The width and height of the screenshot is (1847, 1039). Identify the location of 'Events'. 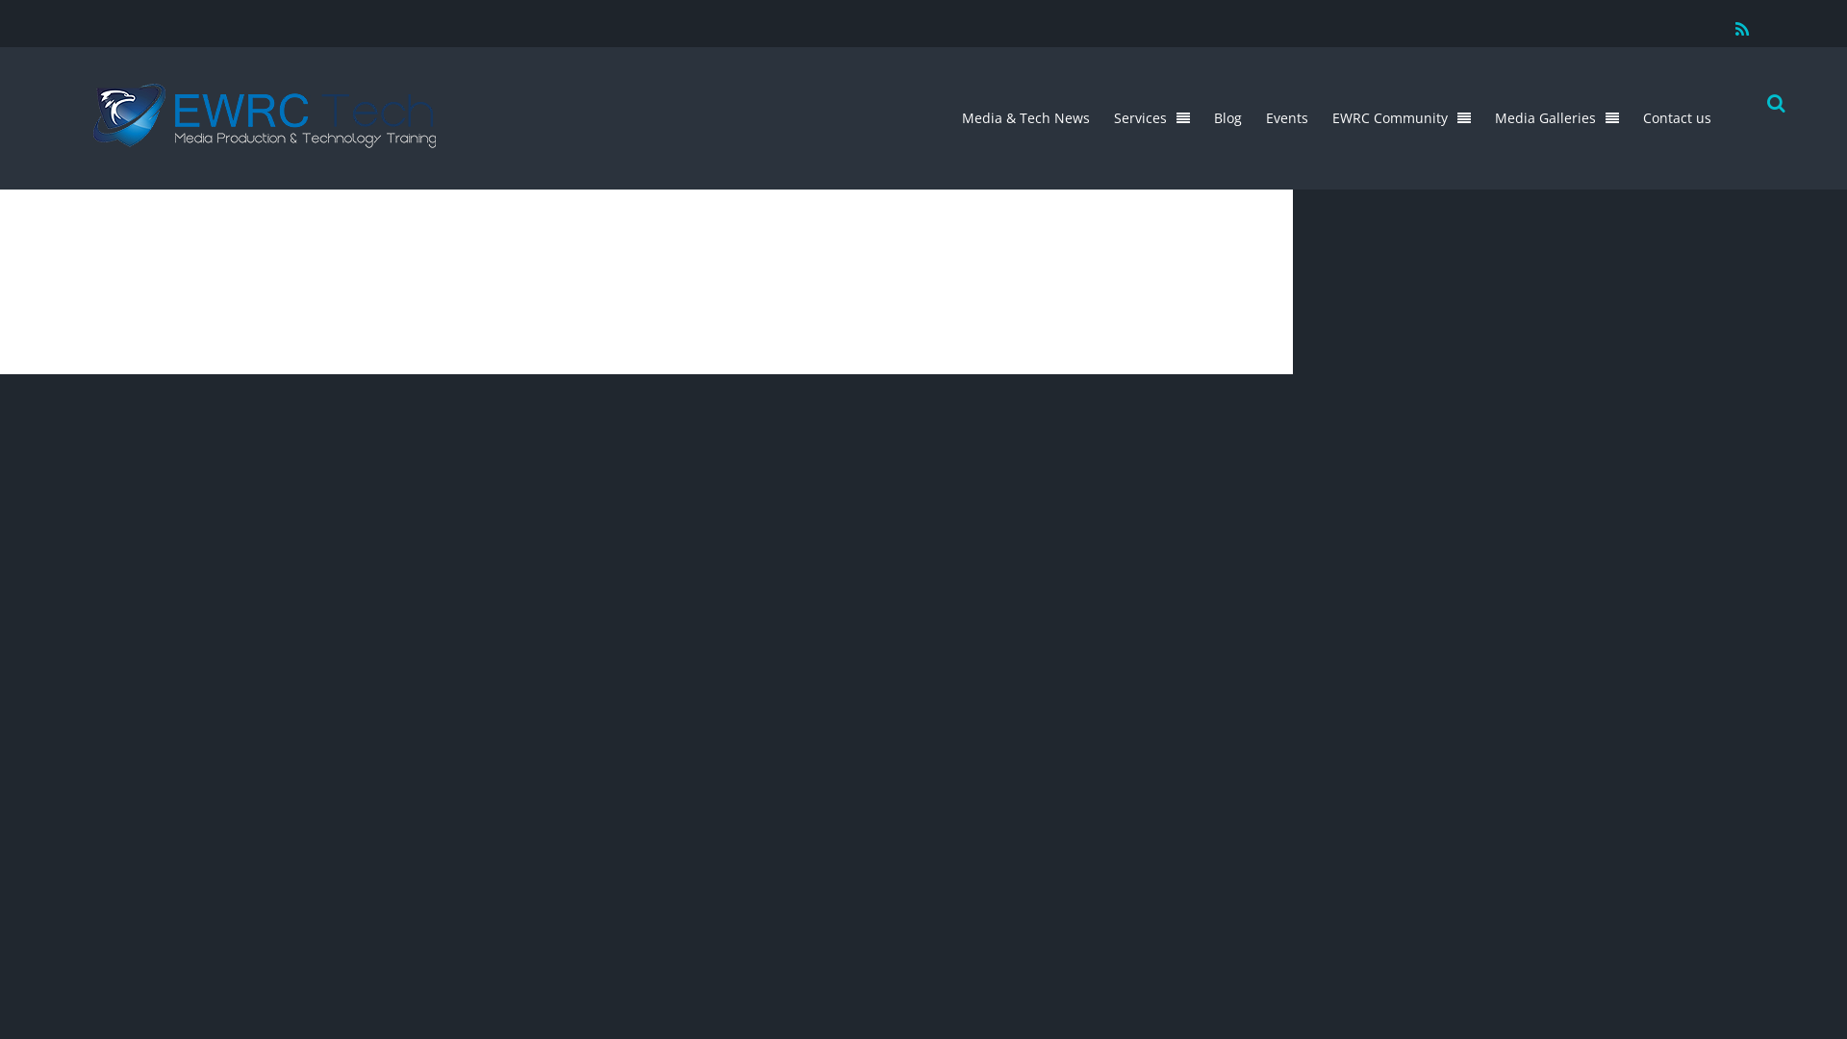
(1287, 117).